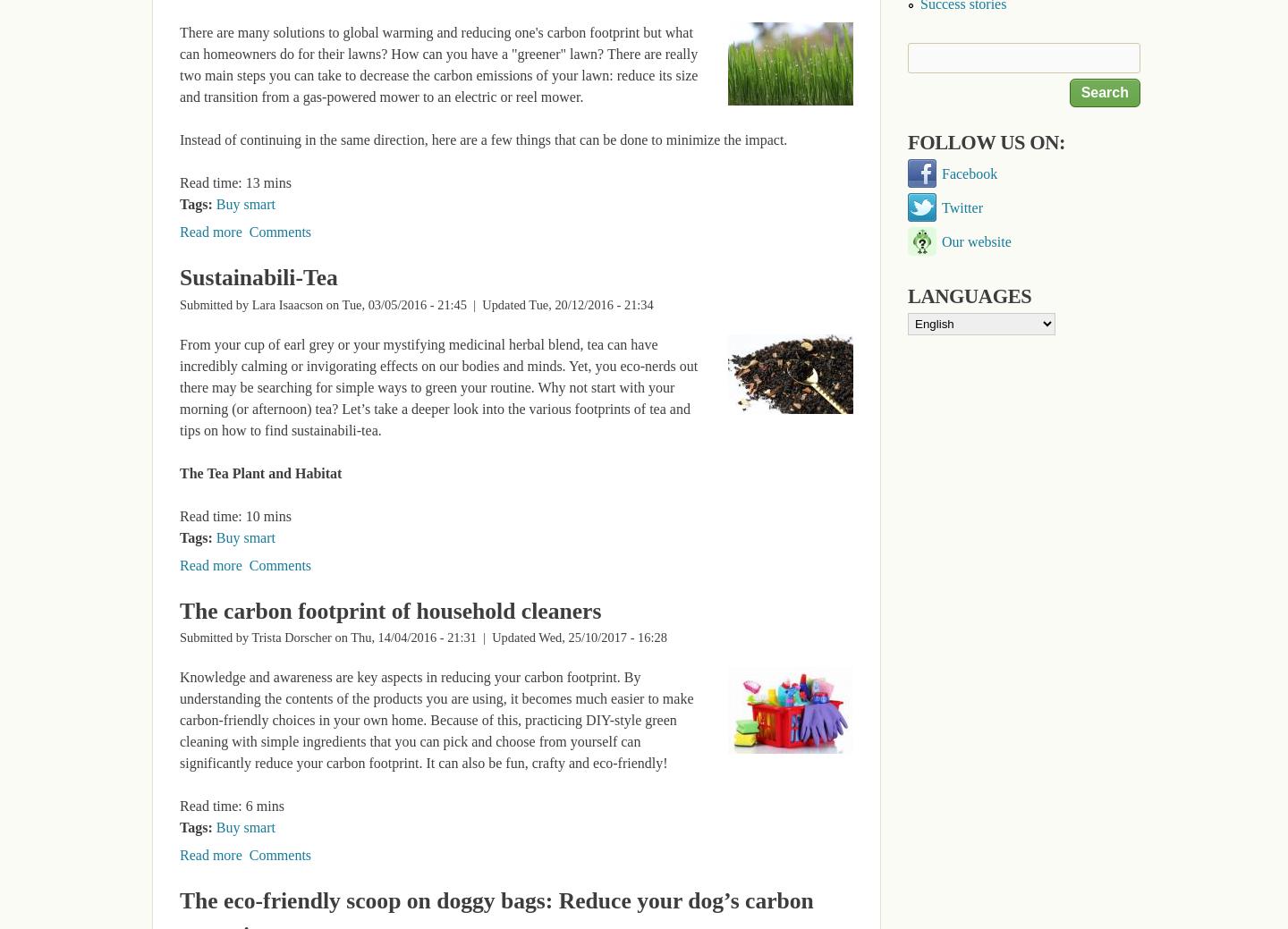 The image size is (1288, 929). I want to click on 'Read time: 6 mins', so click(231, 806).